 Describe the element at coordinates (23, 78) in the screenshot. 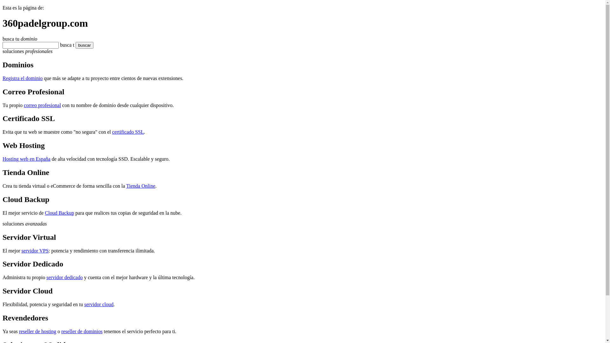

I see `'Registra el dominio'` at that location.